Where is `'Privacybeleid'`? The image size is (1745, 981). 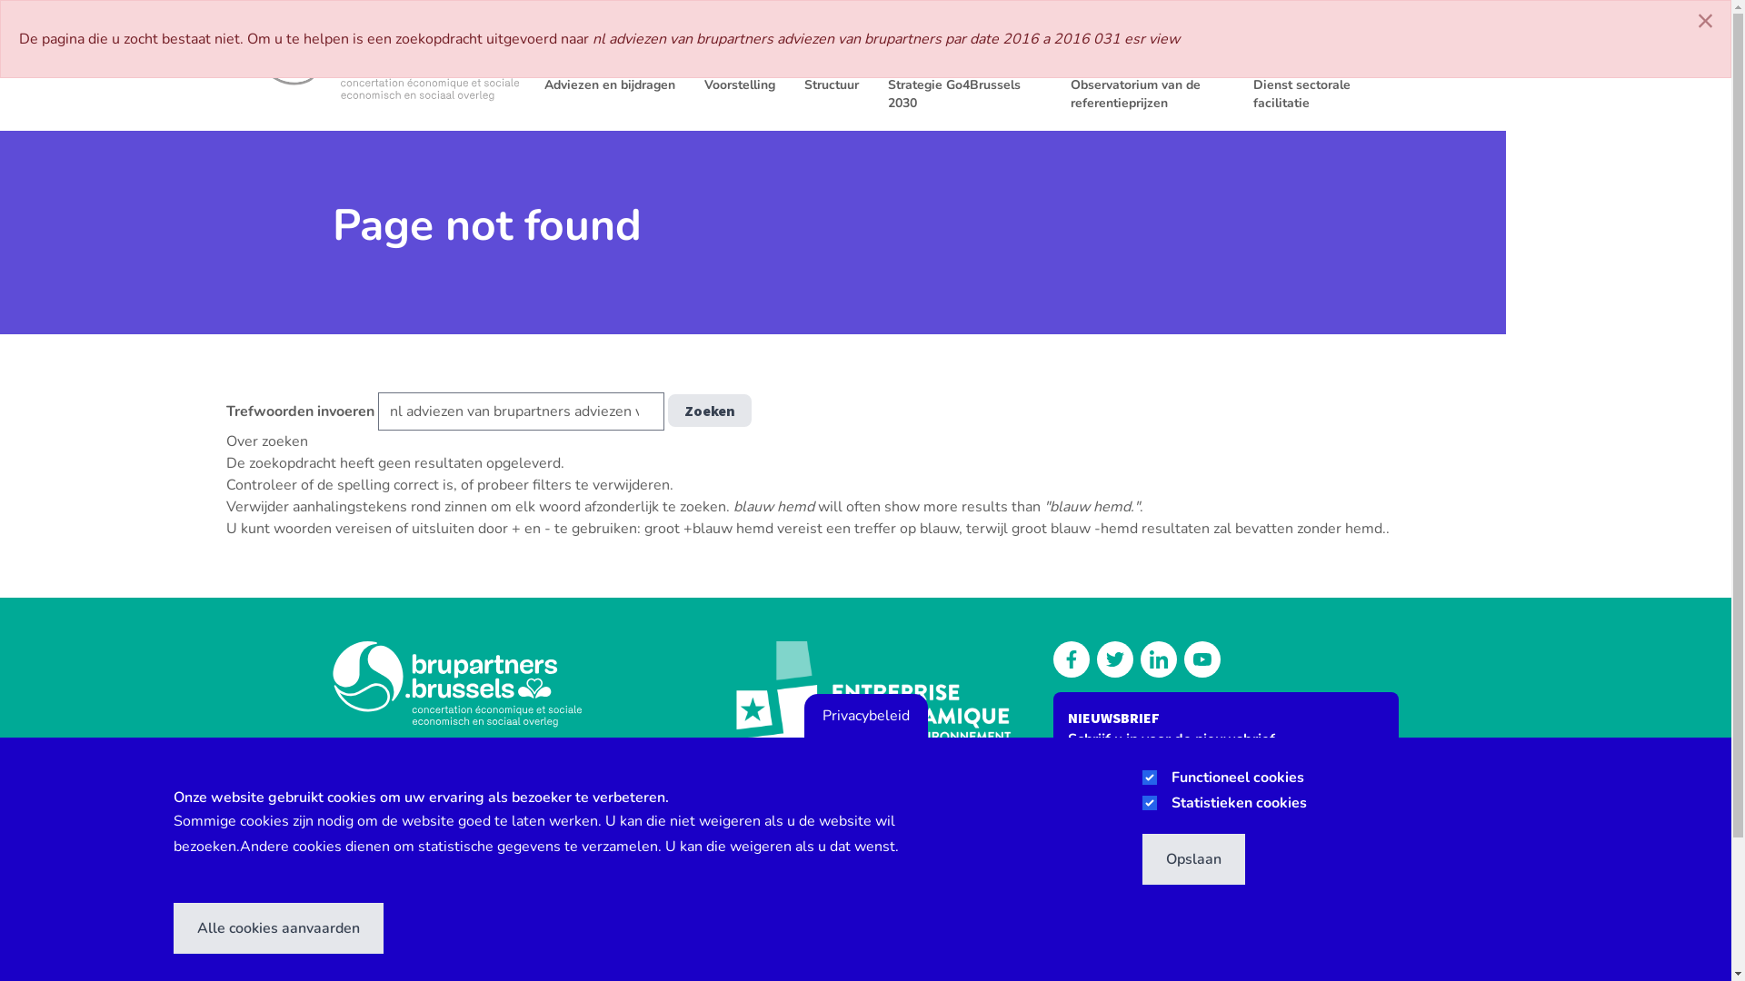
'Privacybeleid' is located at coordinates (863, 714).